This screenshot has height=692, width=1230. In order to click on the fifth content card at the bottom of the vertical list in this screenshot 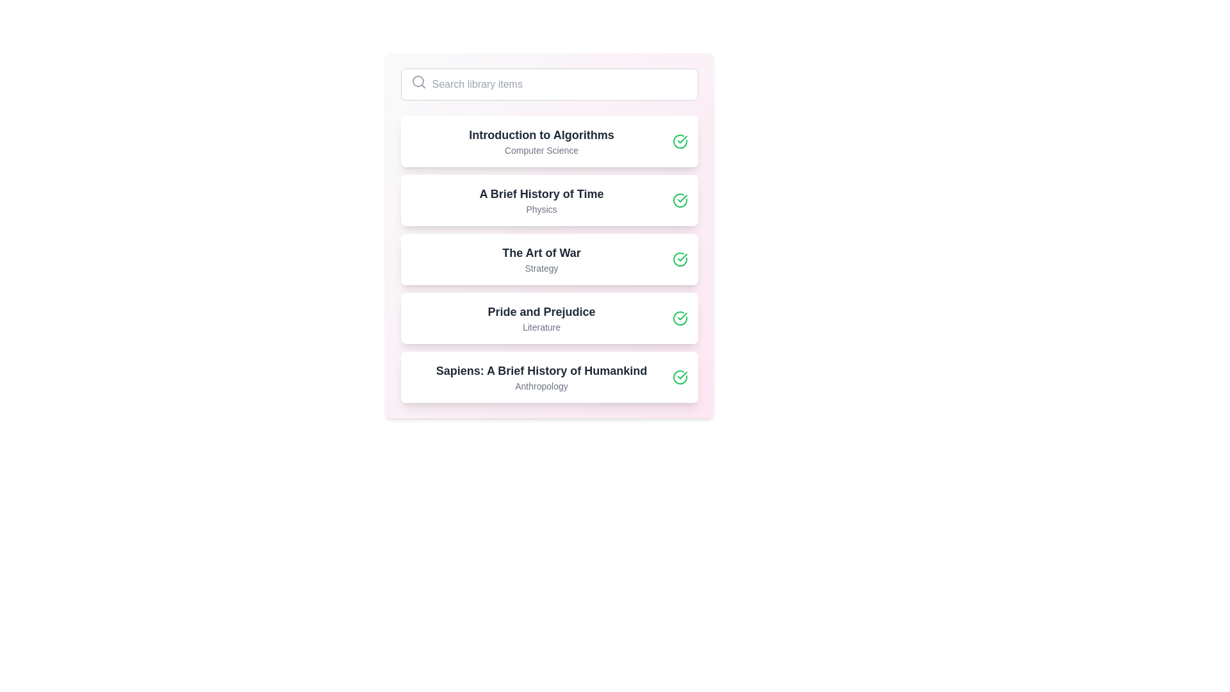, I will do `click(549, 377)`.